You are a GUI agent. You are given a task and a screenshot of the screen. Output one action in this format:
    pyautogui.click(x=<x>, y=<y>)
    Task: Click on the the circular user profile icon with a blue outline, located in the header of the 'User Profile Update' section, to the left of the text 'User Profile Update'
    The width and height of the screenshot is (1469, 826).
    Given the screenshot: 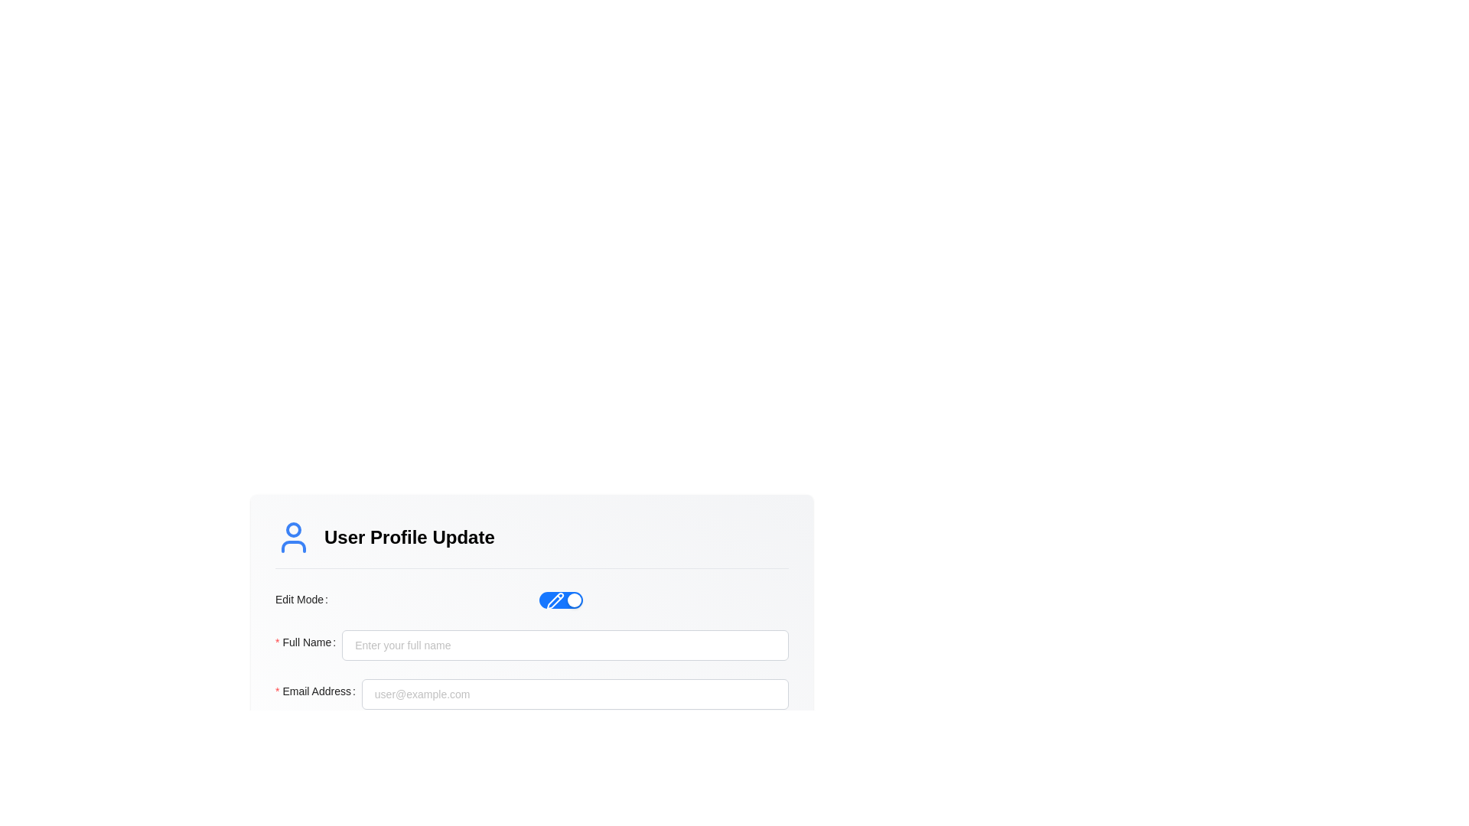 What is the action you would take?
    pyautogui.click(x=294, y=536)
    